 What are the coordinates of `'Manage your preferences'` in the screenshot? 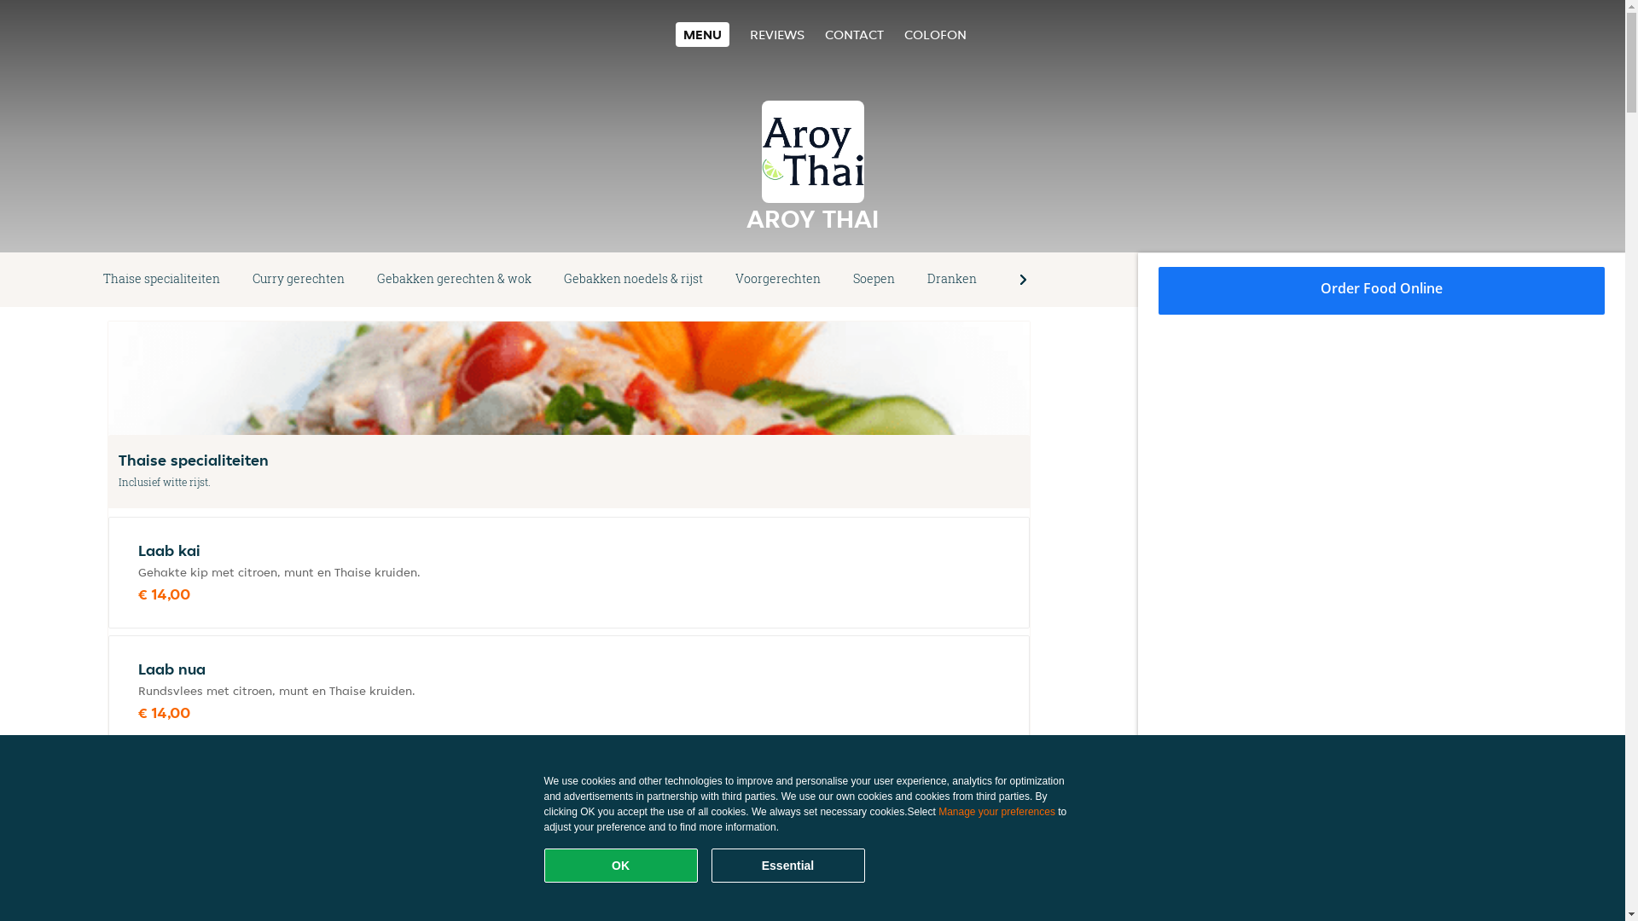 It's located at (996, 811).